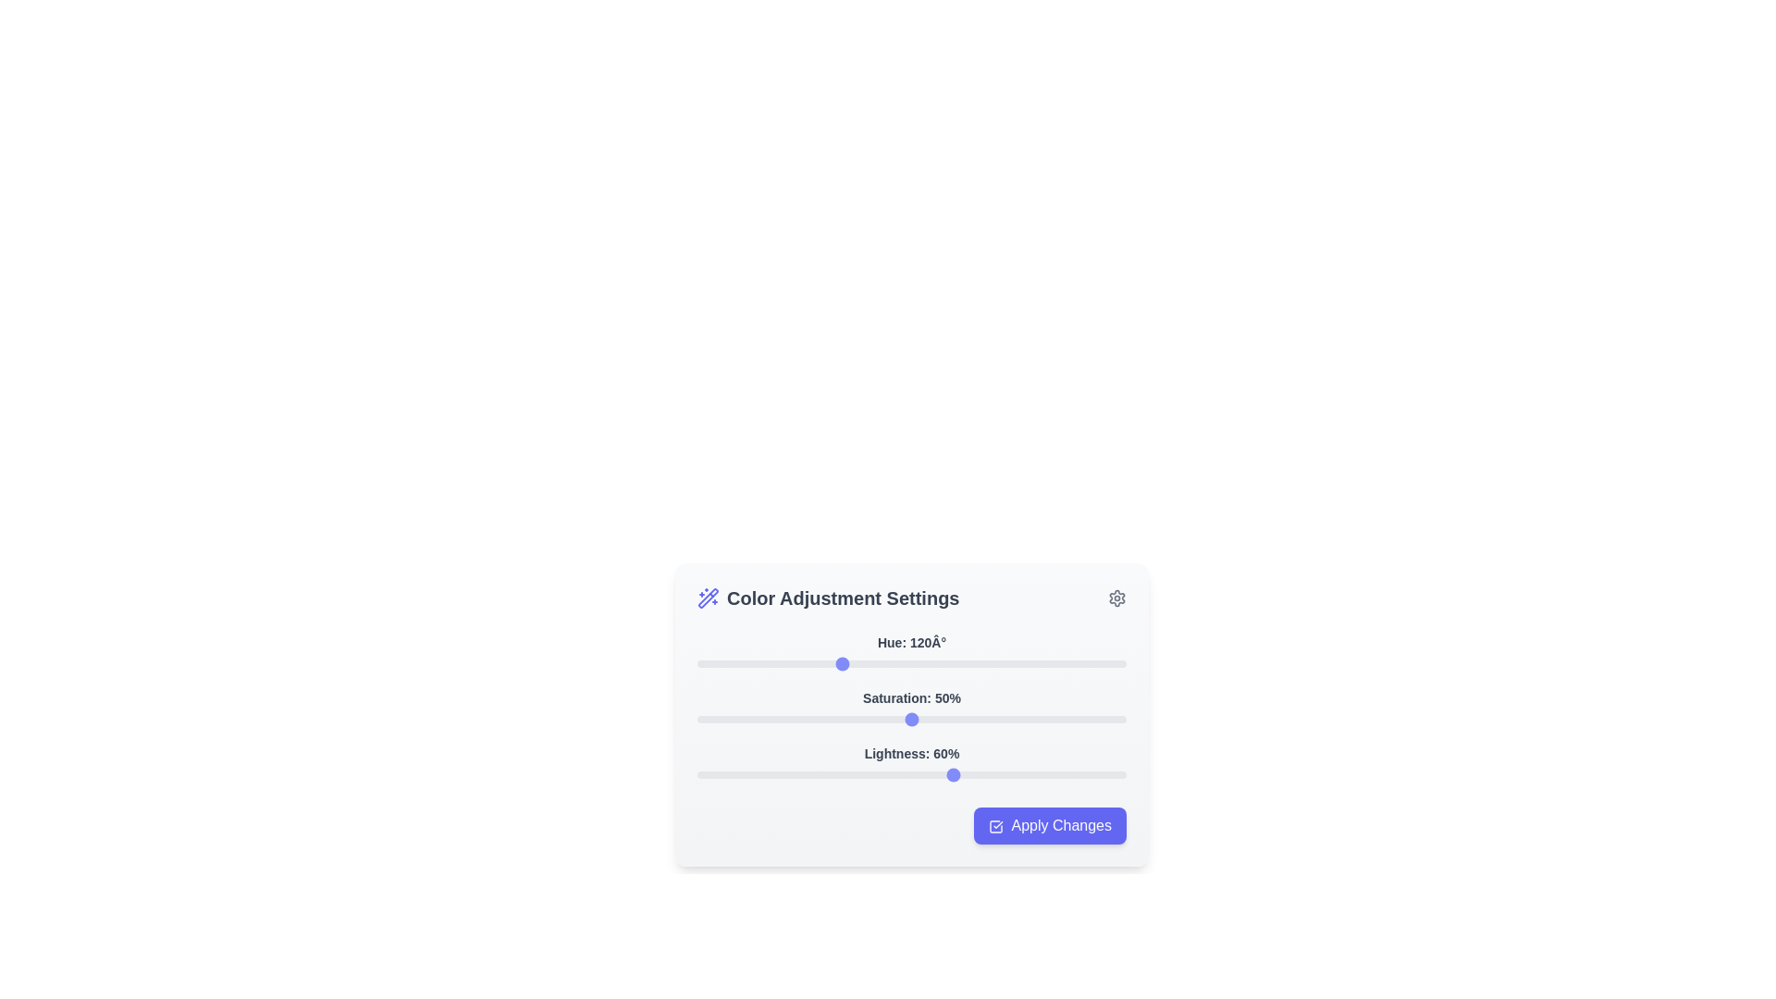 This screenshot has height=999, width=1776. What do you see at coordinates (911, 598) in the screenshot?
I see `the header section labeled 'Color Adjustment Settings' to interact with it, which is positioned between a wand icon on the left and a gear icon on the right, at the top of a card-like interface` at bounding box center [911, 598].